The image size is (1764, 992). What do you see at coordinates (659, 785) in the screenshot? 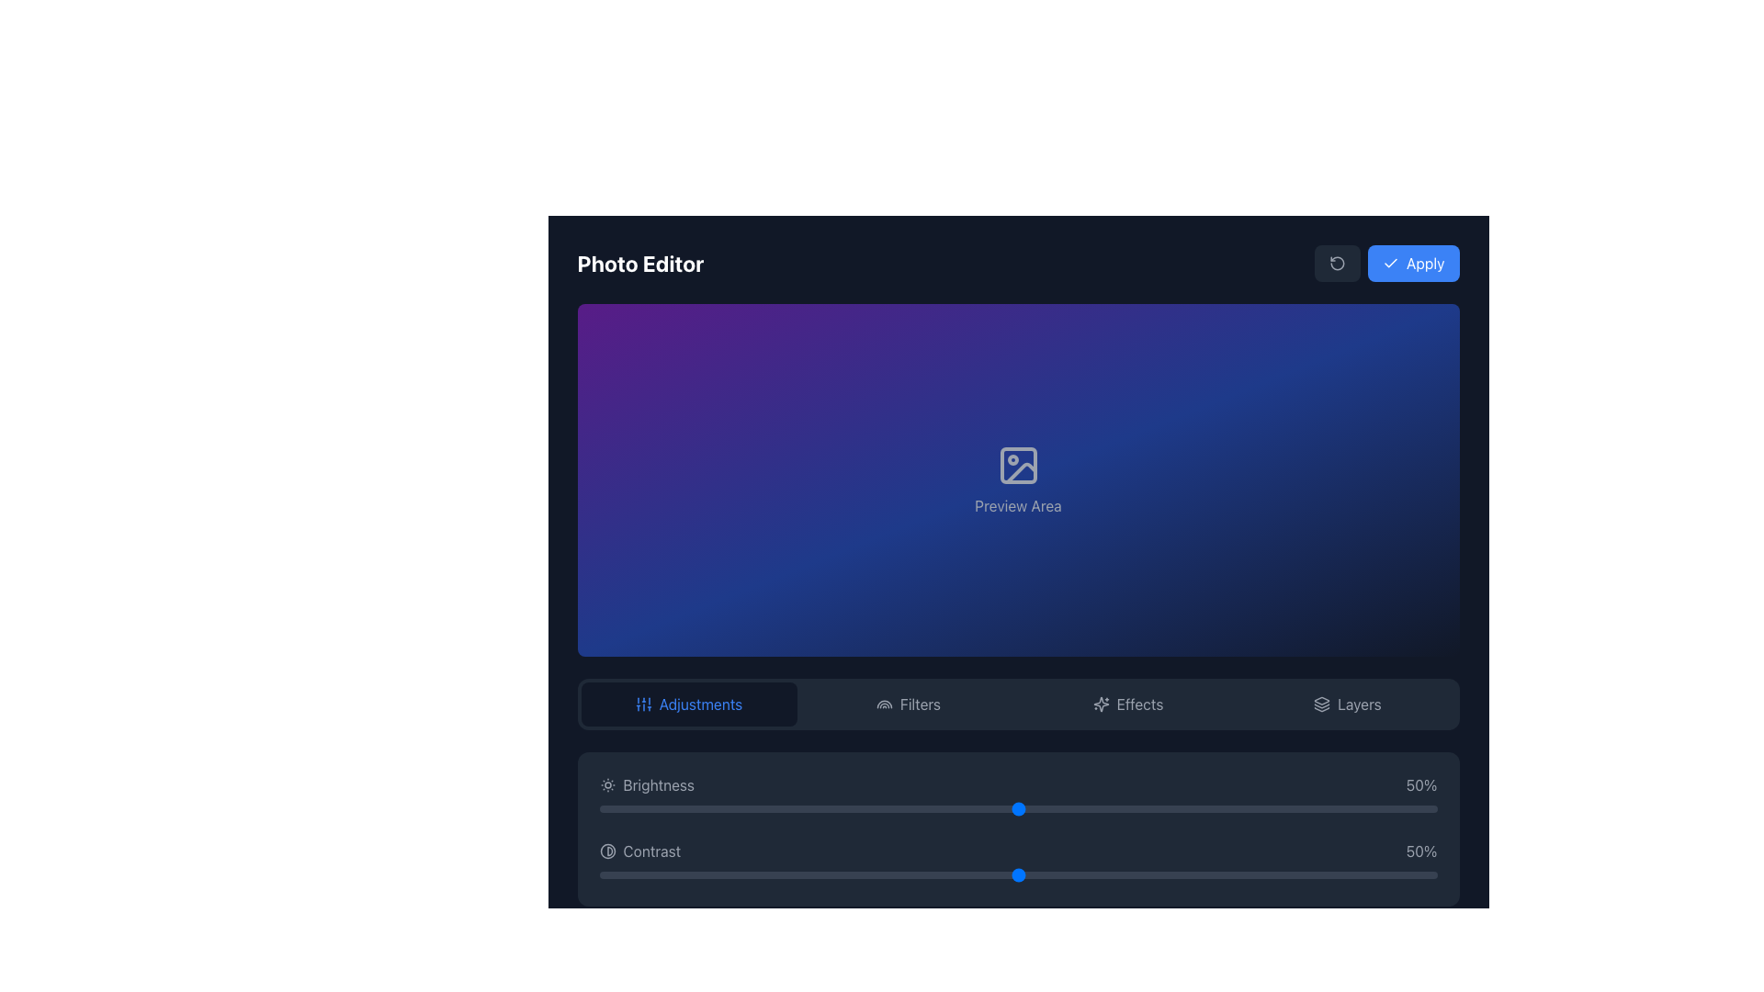
I see `the 'Brightness' label located in the 'Adjustments' panel, which displays the word 'Brightness' in a light-colored font next to a sun icon` at bounding box center [659, 785].